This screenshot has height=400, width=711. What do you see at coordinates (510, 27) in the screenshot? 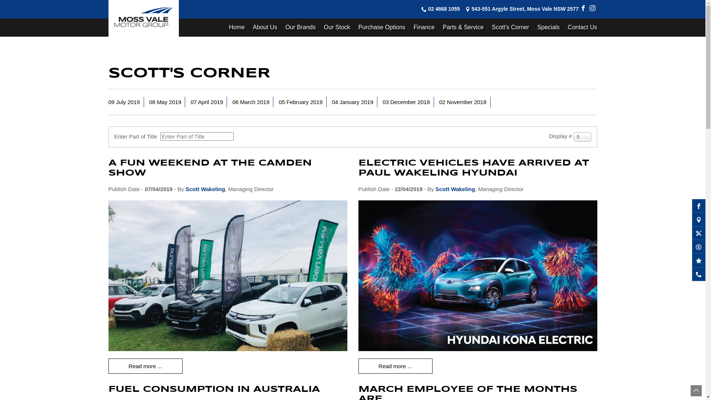
I see `'Scott's Corner'` at bounding box center [510, 27].